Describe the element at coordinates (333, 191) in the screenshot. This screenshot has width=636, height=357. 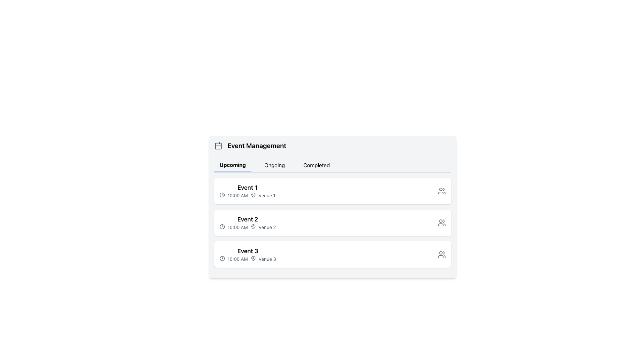
I see `to select the event displayed in the first position of the vertically stacked list under the 'Upcoming' section of the event management interface` at that location.